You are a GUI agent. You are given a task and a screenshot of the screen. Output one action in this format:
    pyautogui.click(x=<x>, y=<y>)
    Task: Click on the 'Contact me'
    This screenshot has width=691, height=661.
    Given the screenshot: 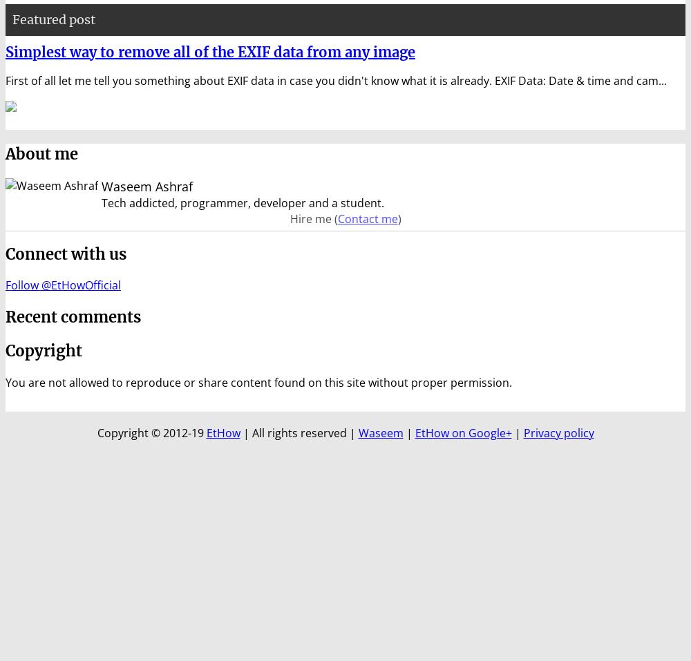 What is the action you would take?
    pyautogui.click(x=337, y=218)
    